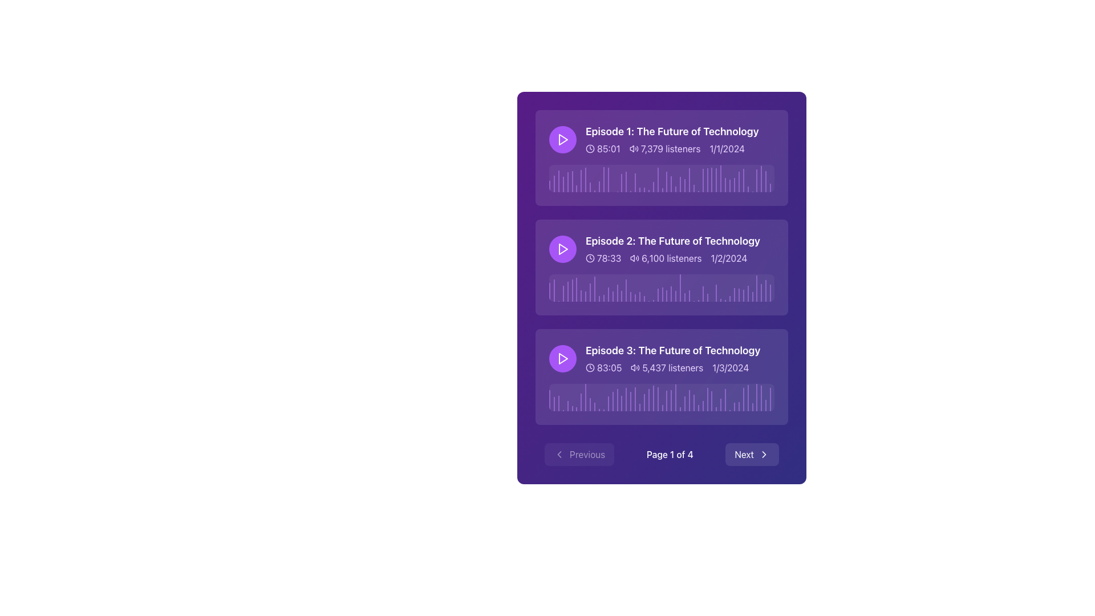  What do you see at coordinates (590, 187) in the screenshot?
I see `the 10th vertical bar in the audio waveform visualization for the first episode item in the list of episodes` at bounding box center [590, 187].